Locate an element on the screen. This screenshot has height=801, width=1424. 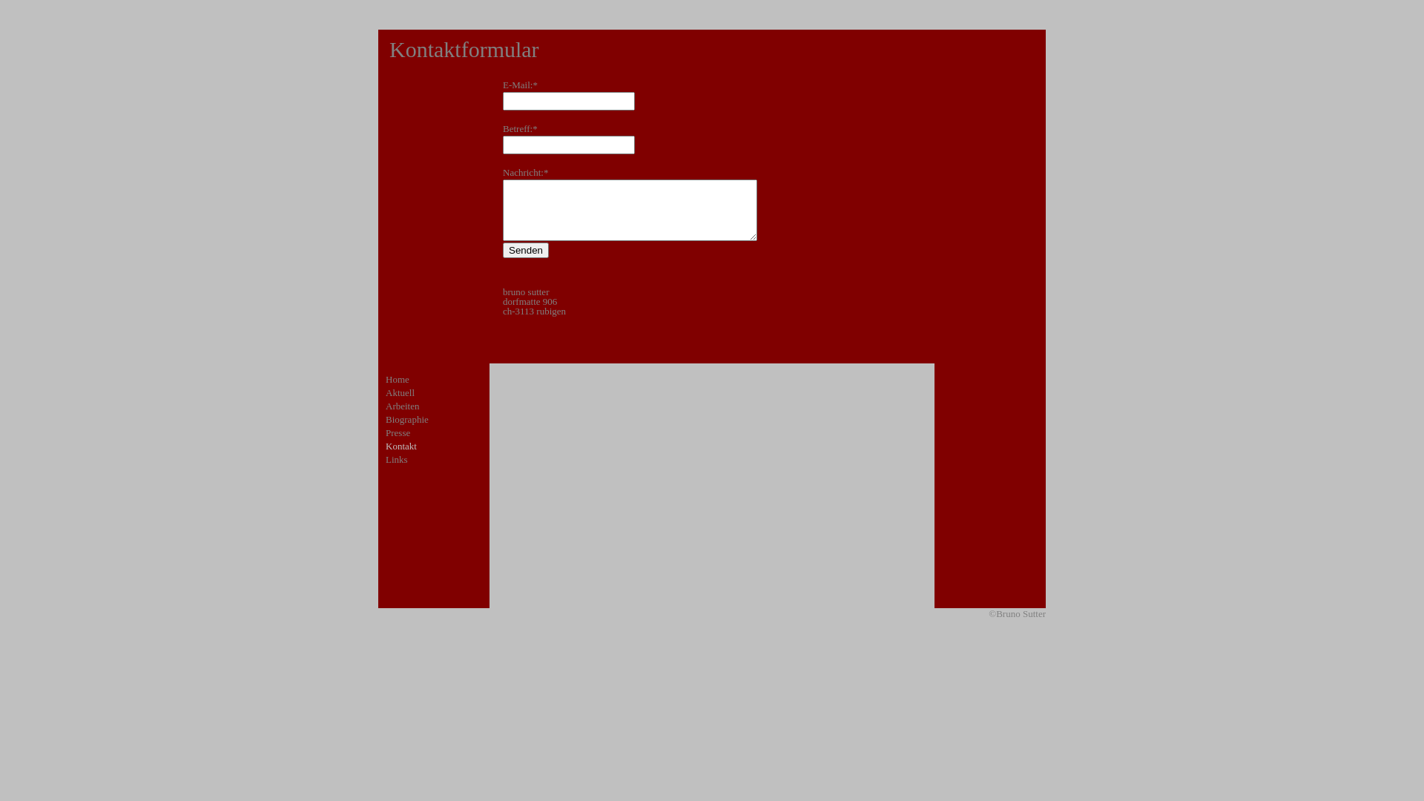
'Presse' is located at coordinates (385, 432).